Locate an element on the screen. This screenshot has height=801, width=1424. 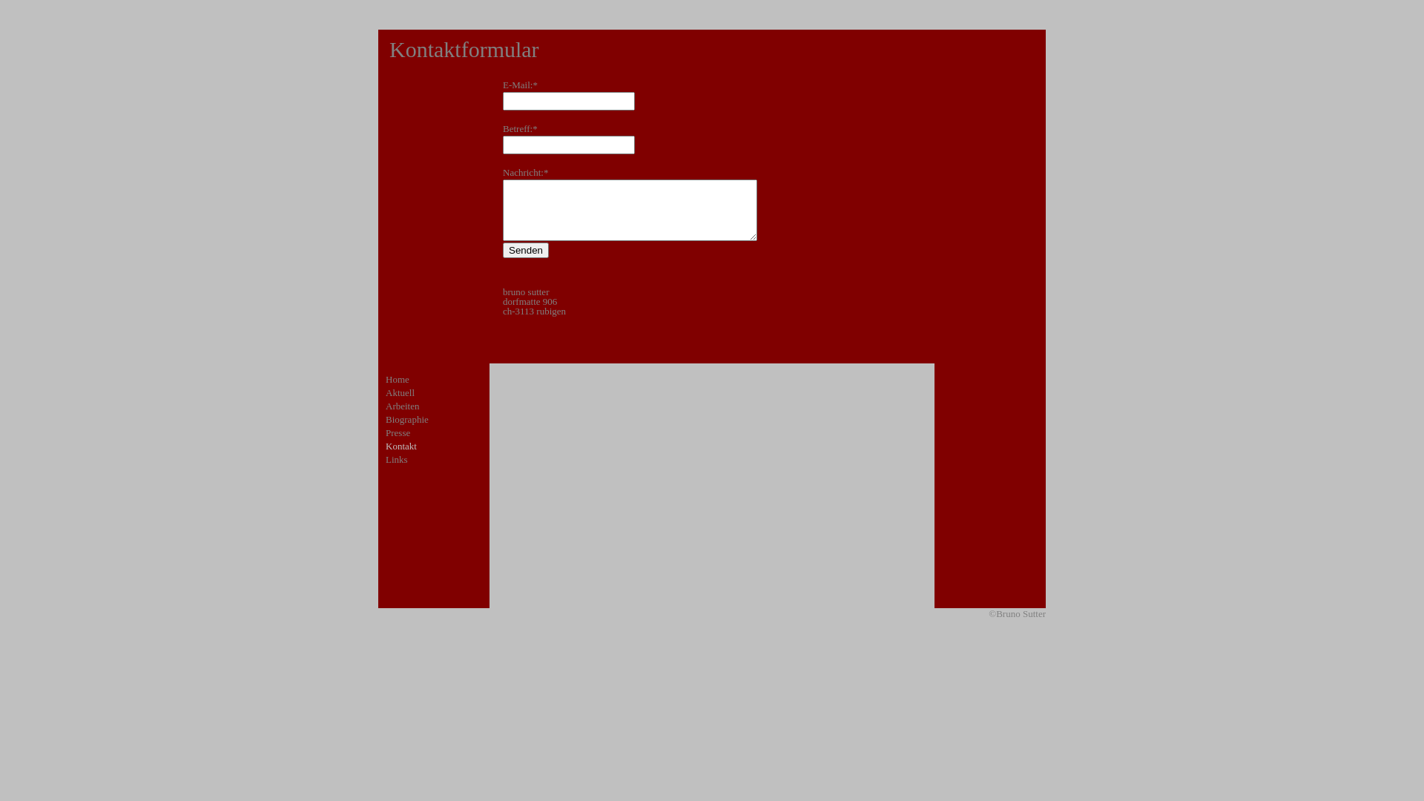
'Presse' is located at coordinates (385, 432).